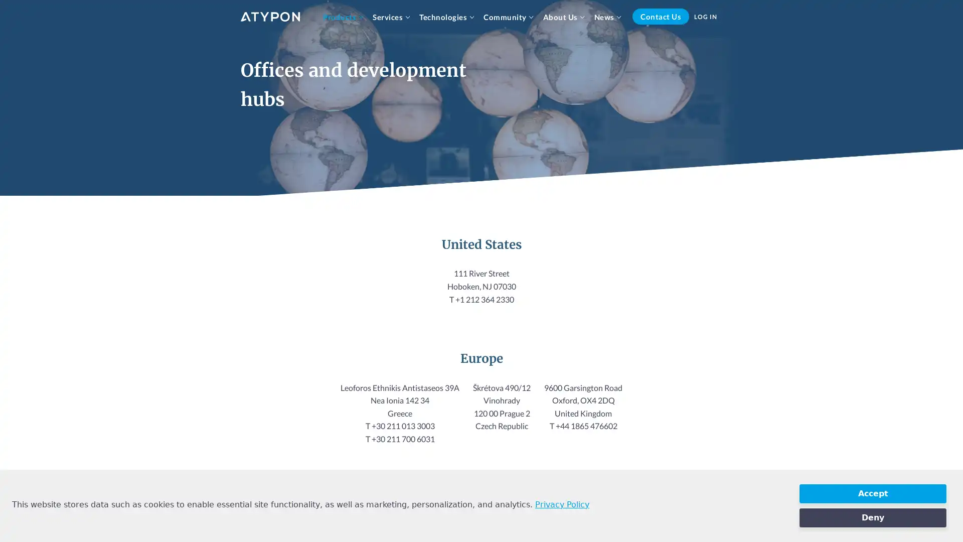 The height and width of the screenshot is (542, 963). What do you see at coordinates (872, 493) in the screenshot?
I see `Accept` at bounding box center [872, 493].